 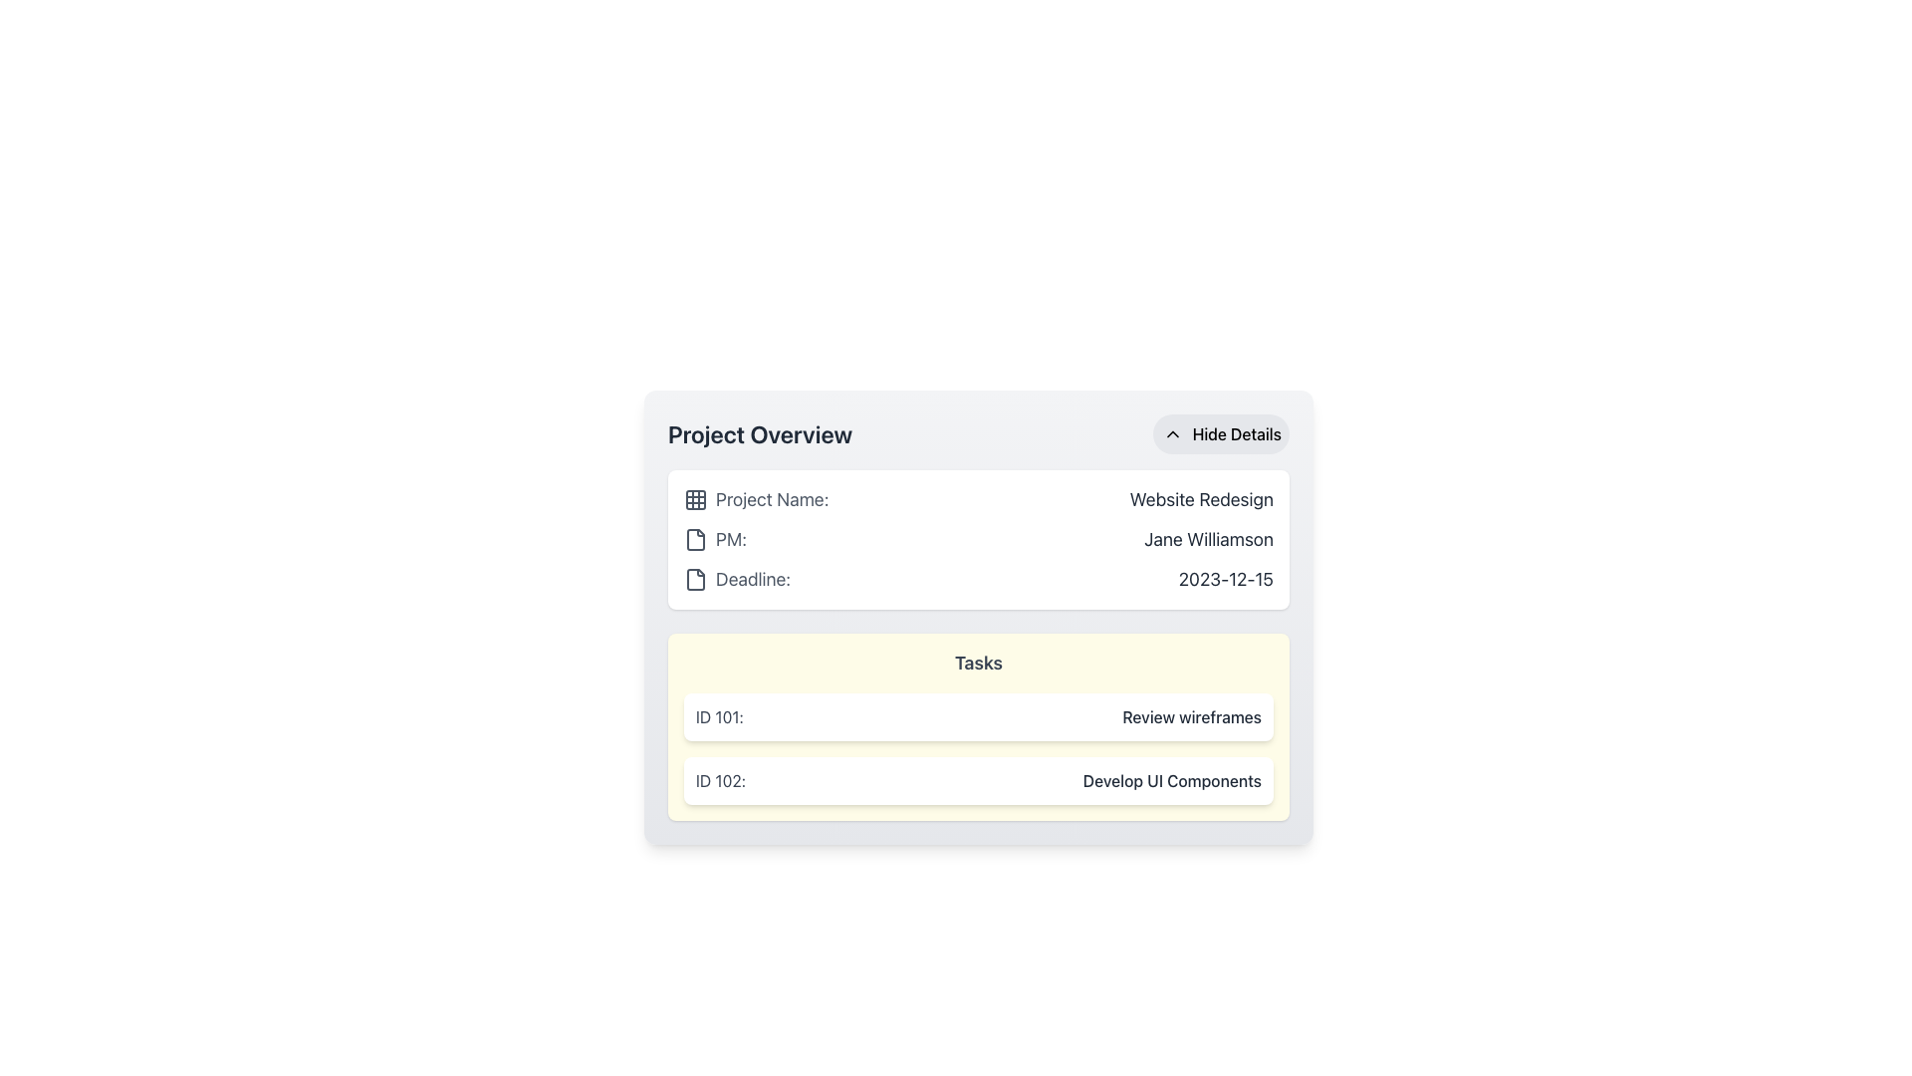 I want to click on the upward-pointing chevron icon within the 'Hide Details' button located in the top-right corner of the 'Project Overview' panel, so click(x=1172, y=432).